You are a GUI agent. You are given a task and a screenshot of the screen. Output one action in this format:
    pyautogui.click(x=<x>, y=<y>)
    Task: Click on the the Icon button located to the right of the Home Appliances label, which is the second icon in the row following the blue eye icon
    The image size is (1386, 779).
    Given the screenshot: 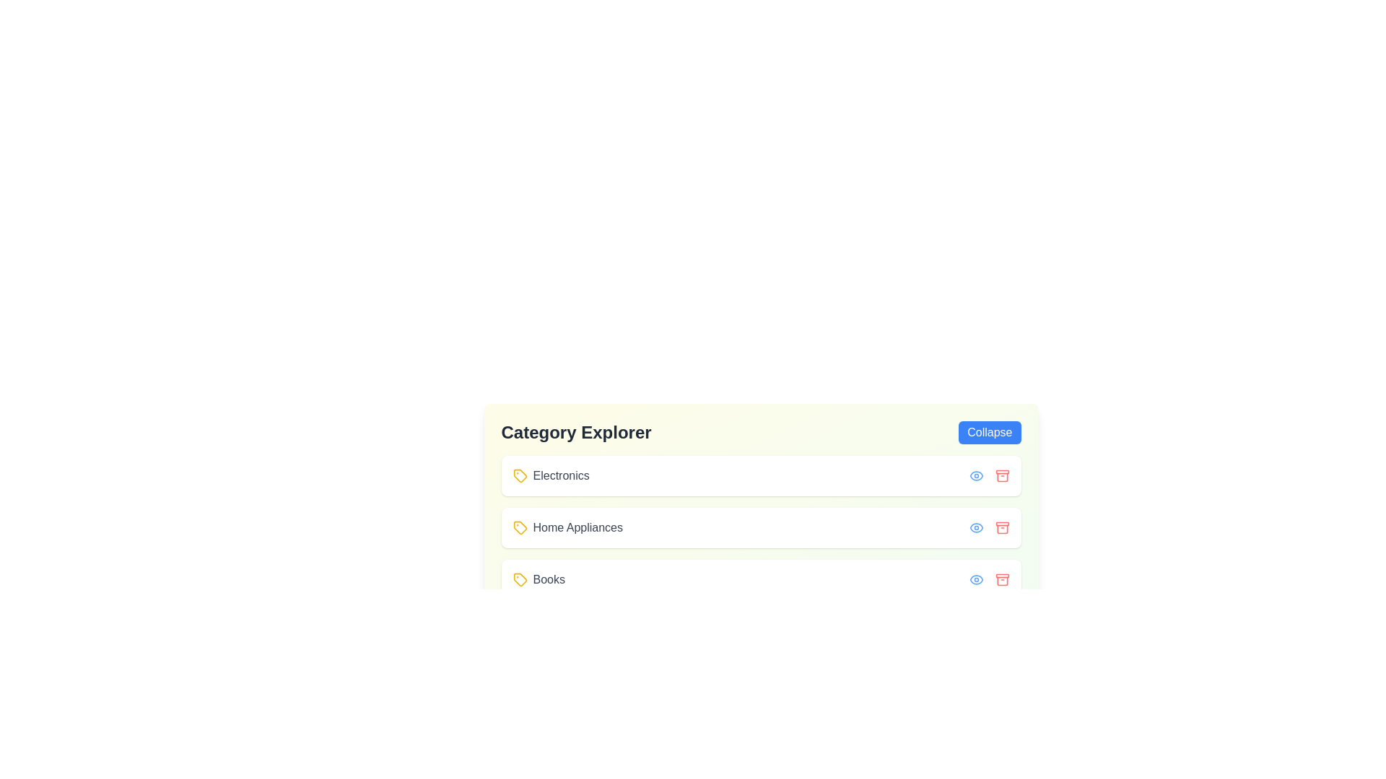 What is the action you would take?
    pyautogui.click(x=1001, y=528)
    